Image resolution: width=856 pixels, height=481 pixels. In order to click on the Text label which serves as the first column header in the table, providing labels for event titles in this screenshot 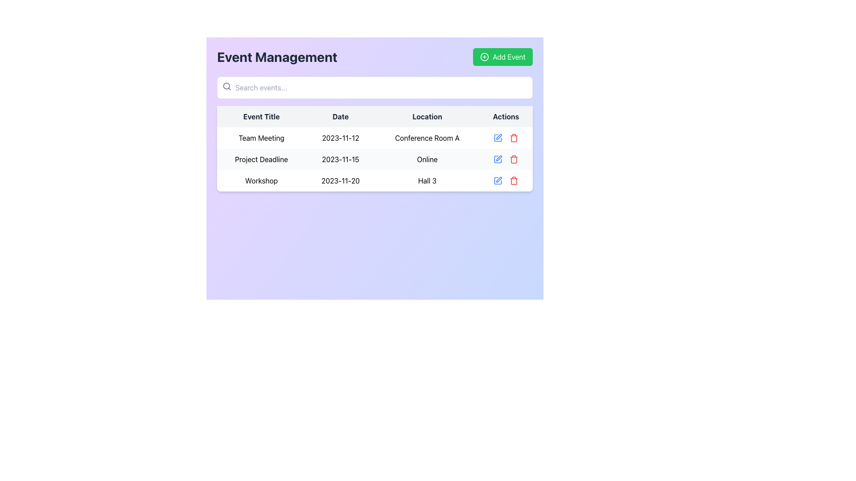, I will do `click(261, 116)`.